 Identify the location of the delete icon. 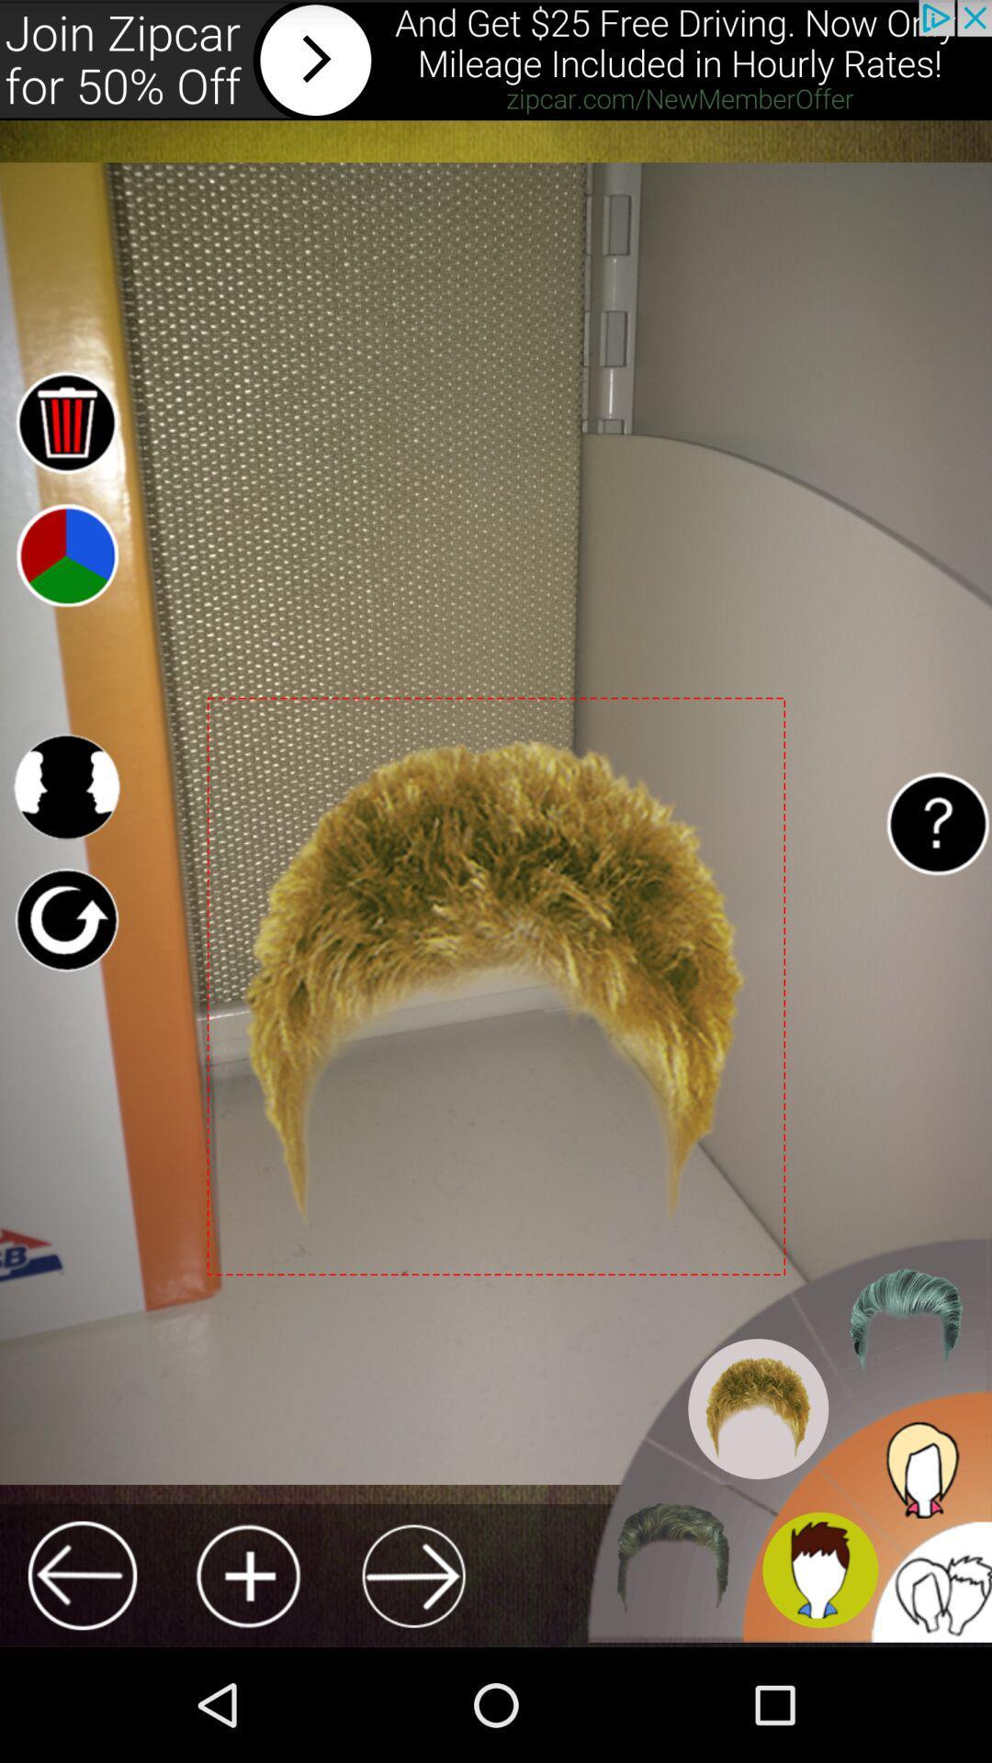
(65, 452).